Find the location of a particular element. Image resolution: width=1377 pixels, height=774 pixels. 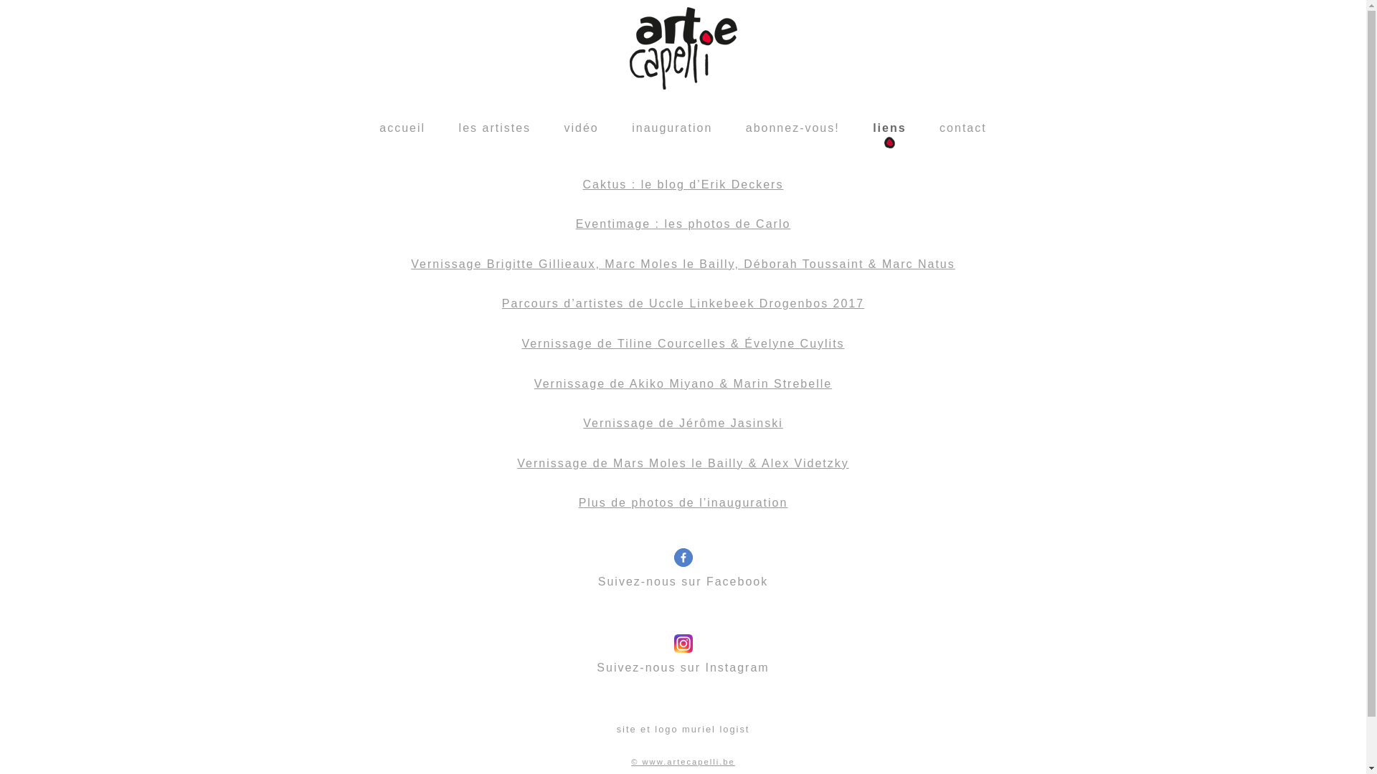

'abonnez-vous!' is located at coordinates (792, 127).